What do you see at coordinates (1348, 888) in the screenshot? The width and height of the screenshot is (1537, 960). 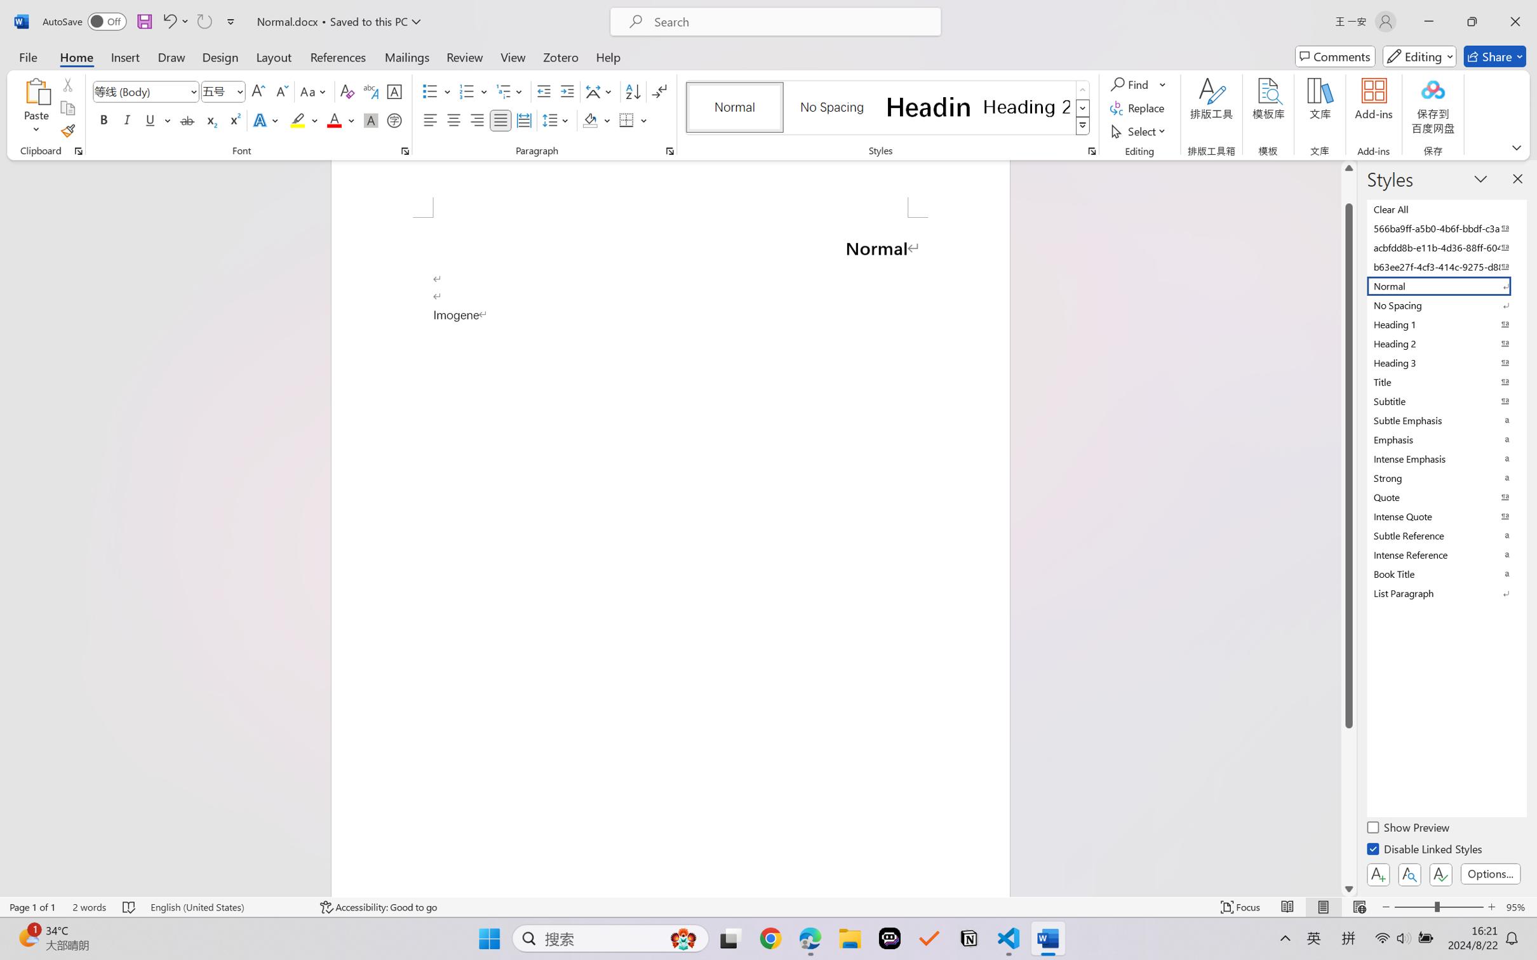 I see `'Line down'` at bounding box center [1348, 888].